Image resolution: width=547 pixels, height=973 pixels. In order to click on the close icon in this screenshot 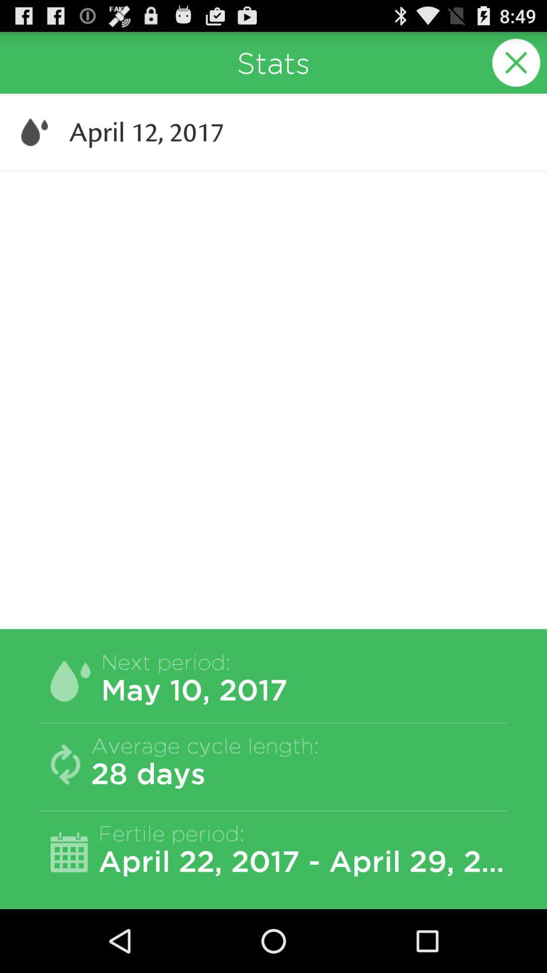, I will do `click(516, 66)`.